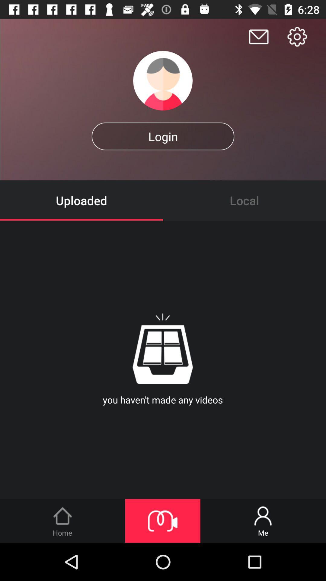 This screenshot has height=581, width=326. Describe the element at coordinates (297, 36) in the screenshot. I see `the settings icon` at that location.